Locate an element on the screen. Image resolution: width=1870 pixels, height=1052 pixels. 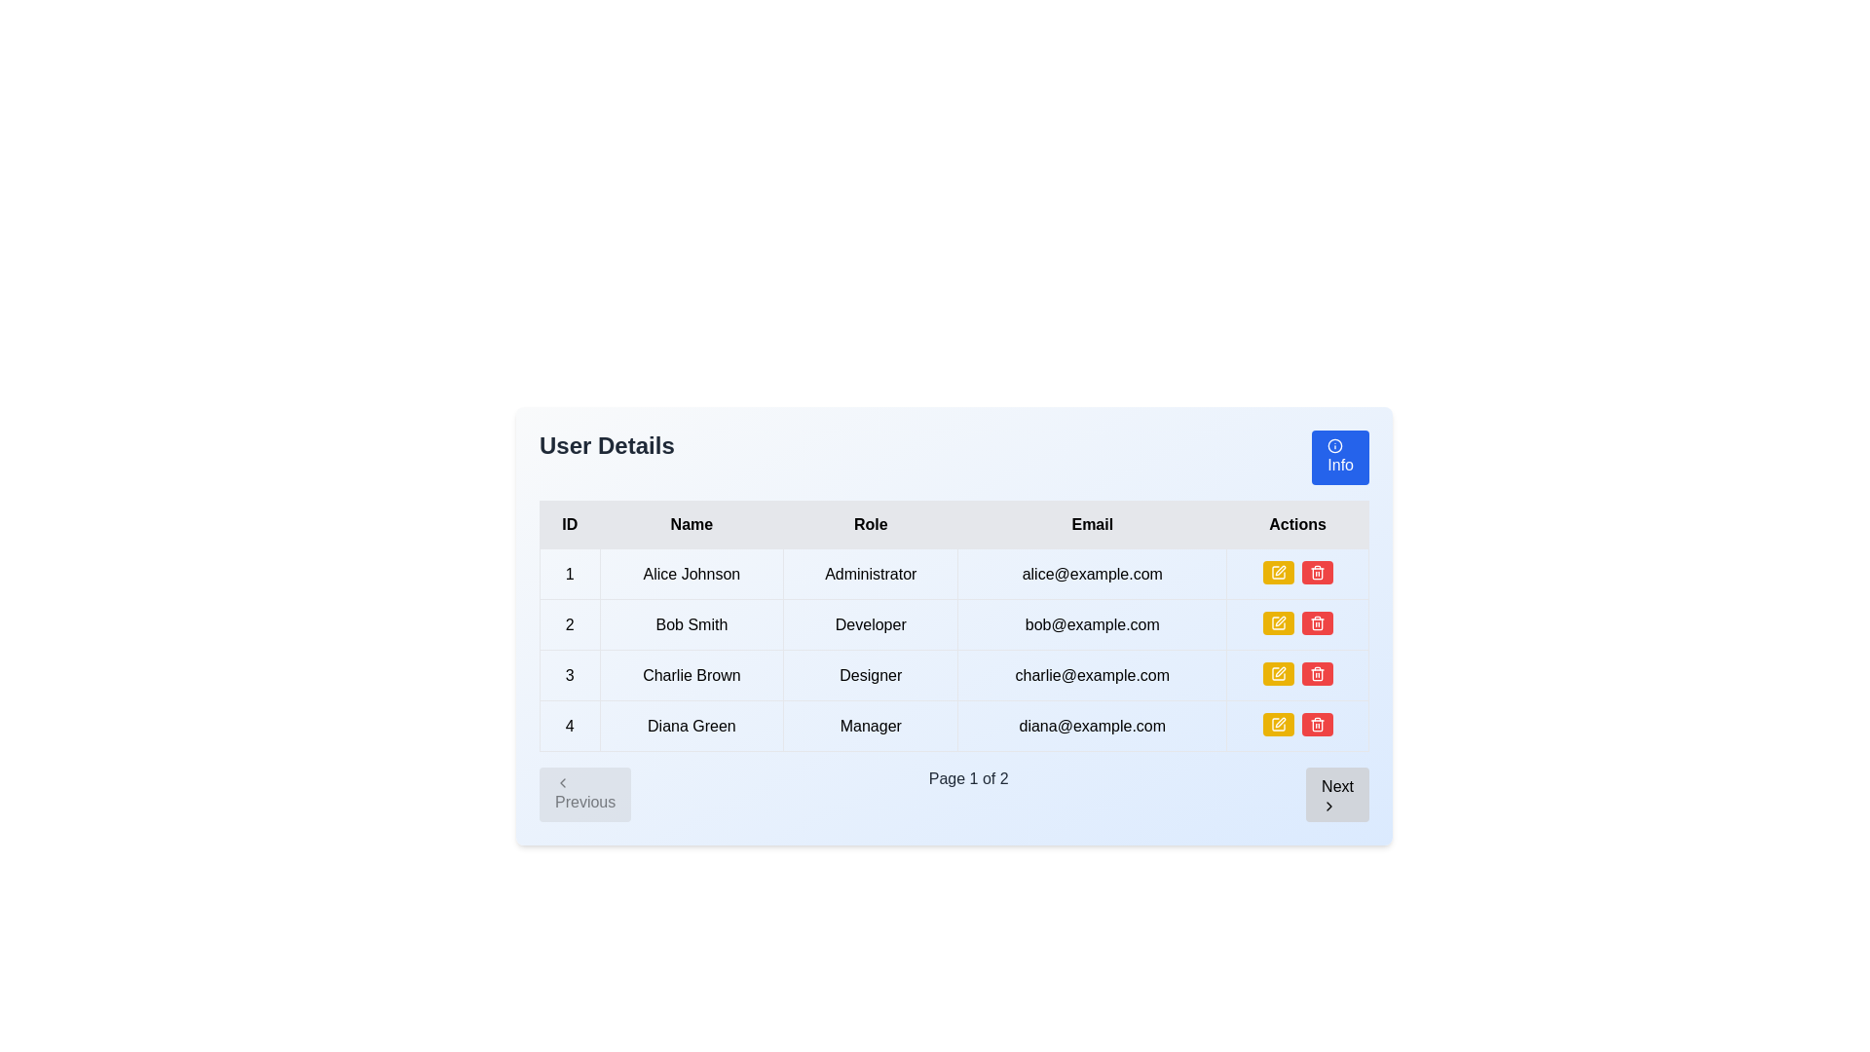
the table cell containing the text '1' in the 'ID' column, which is the first cell in the first row of the table is located at coordinates (569, 573).